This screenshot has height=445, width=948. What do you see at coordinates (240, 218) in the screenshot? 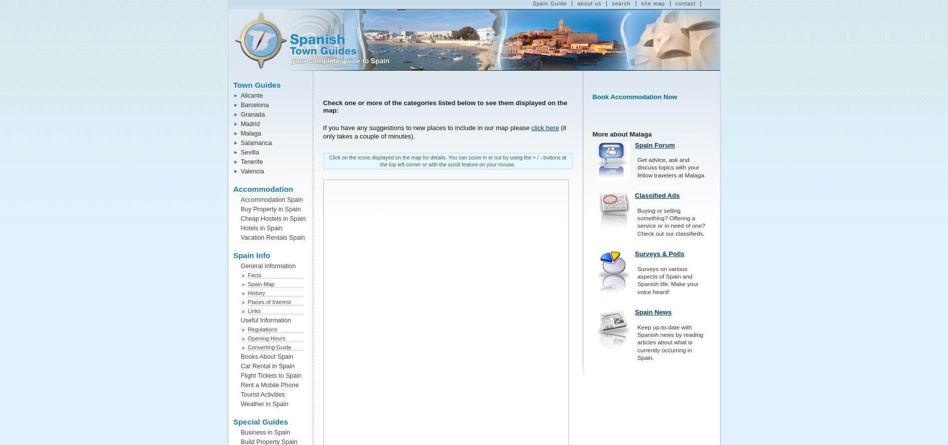
I see `'Cheap Hostels in Spain'` at bounding box center [240, 218].